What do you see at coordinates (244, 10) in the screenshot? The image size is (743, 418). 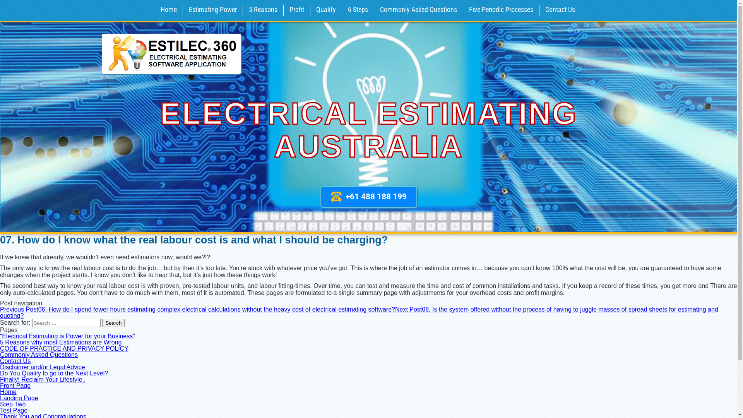 I see `'5 Reasons'` at bounding box center [244, 10].